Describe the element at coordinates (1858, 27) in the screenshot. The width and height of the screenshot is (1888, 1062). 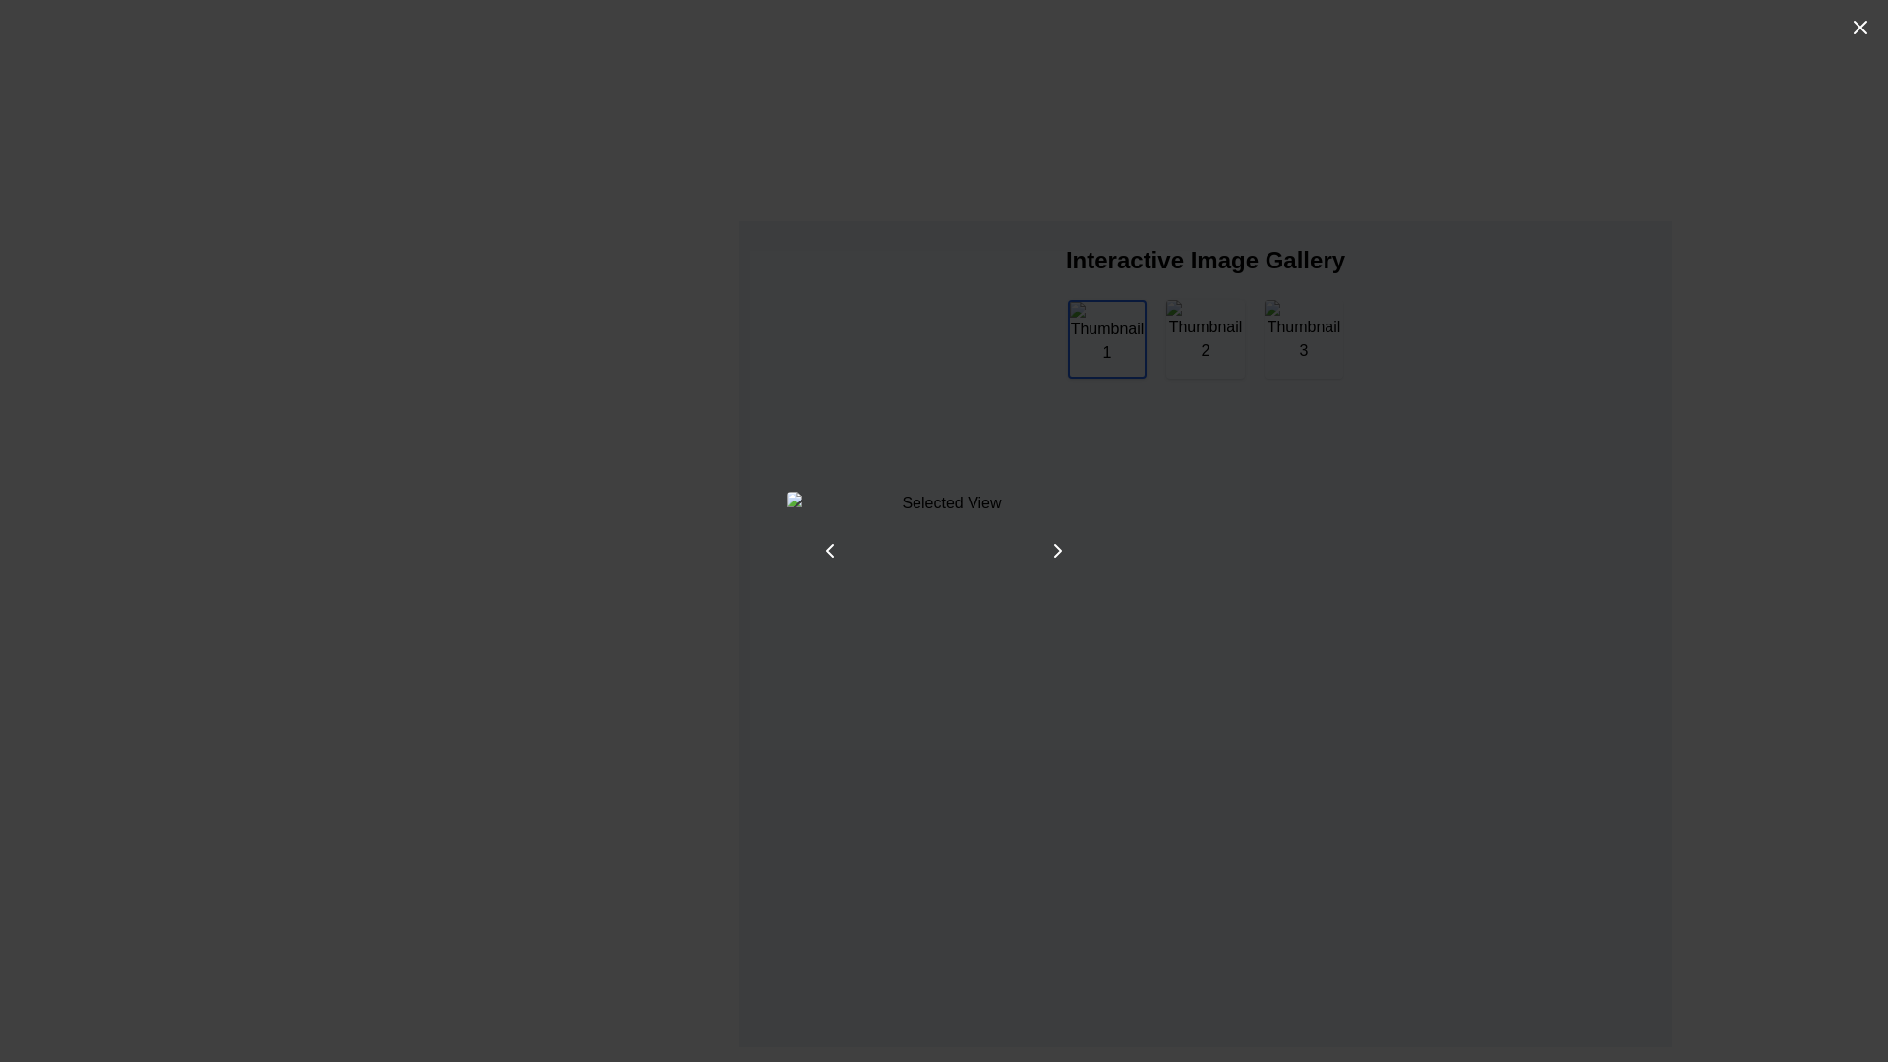
I see `the close icon represented by an 'X' shape located in the top-right corner of the interface` at that location.